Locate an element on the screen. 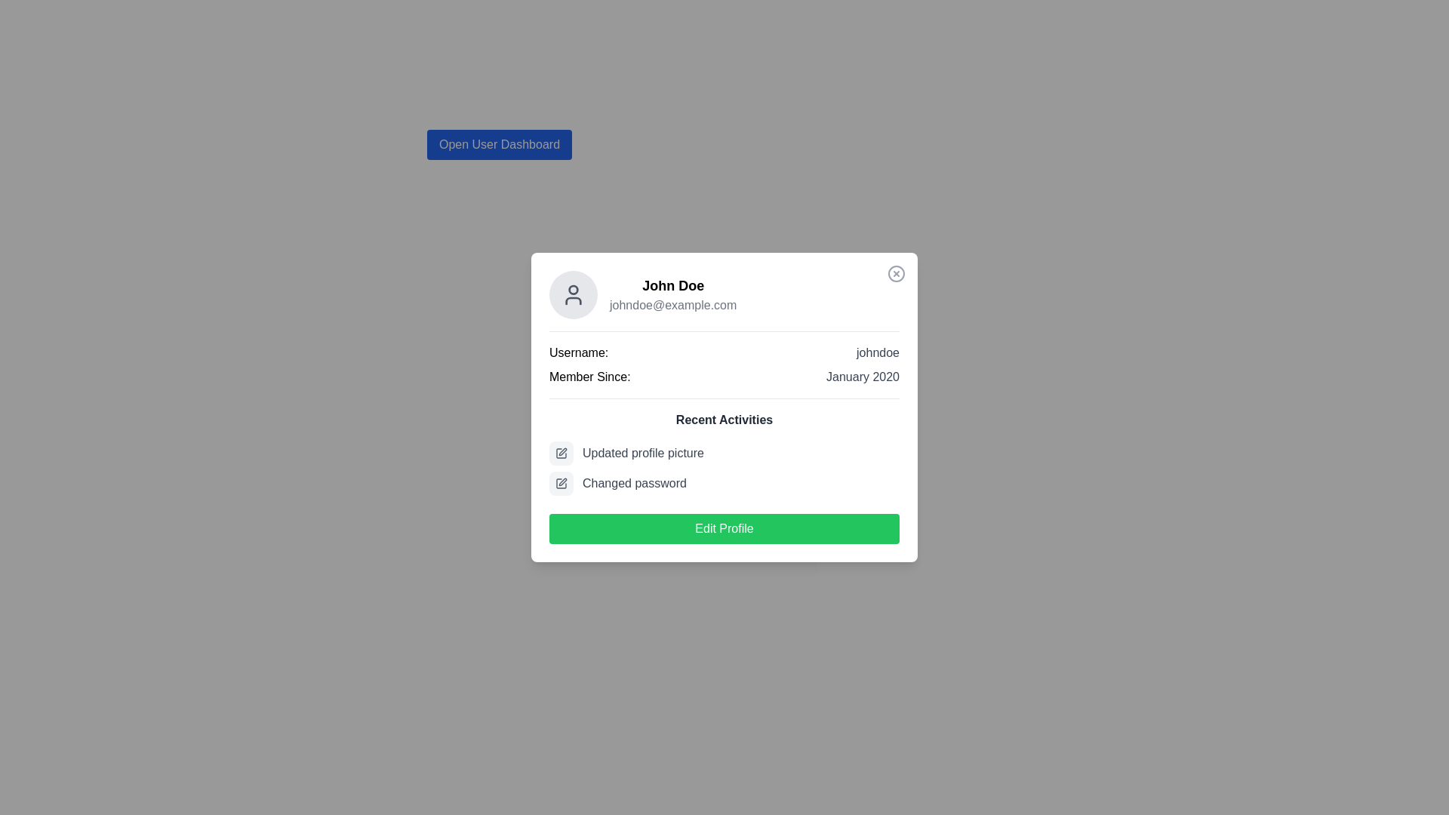 This screenshot has width=1449, height=815. the static text label that displays 'Changed password' in the 'Recent Activities' section is located at coordinates (634, 483).